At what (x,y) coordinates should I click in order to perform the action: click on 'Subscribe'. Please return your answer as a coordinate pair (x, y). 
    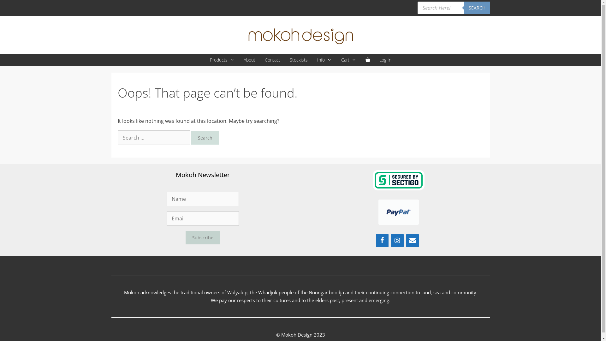
    Looking at the image, I should click on (203, 237).